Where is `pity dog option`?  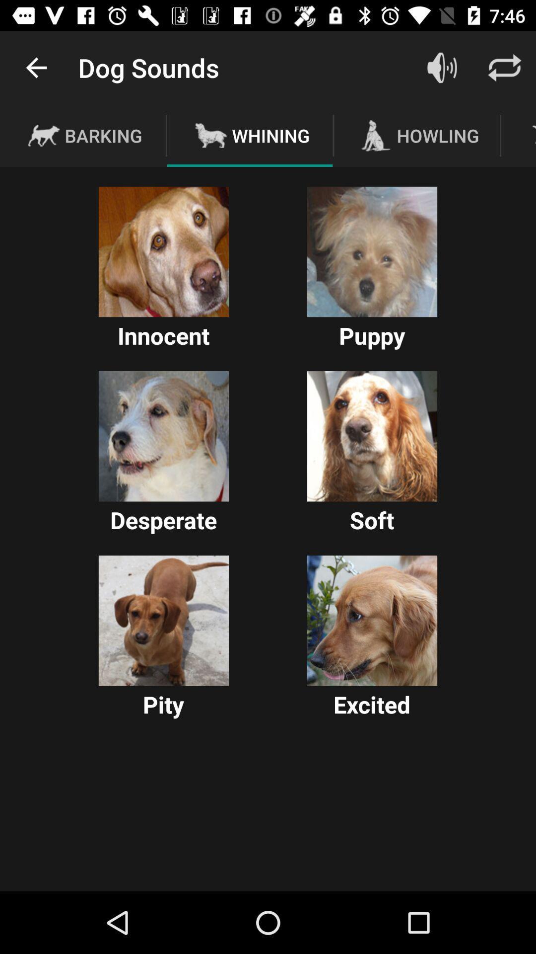 pity dog option is located at coordinates (163, 620).